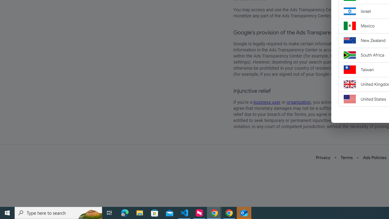 Image resolution: width=389 pixels, height=219 pixels. Describe the element at coordinates (299, 102) in the screenshot. I see `'organization'` at that location.